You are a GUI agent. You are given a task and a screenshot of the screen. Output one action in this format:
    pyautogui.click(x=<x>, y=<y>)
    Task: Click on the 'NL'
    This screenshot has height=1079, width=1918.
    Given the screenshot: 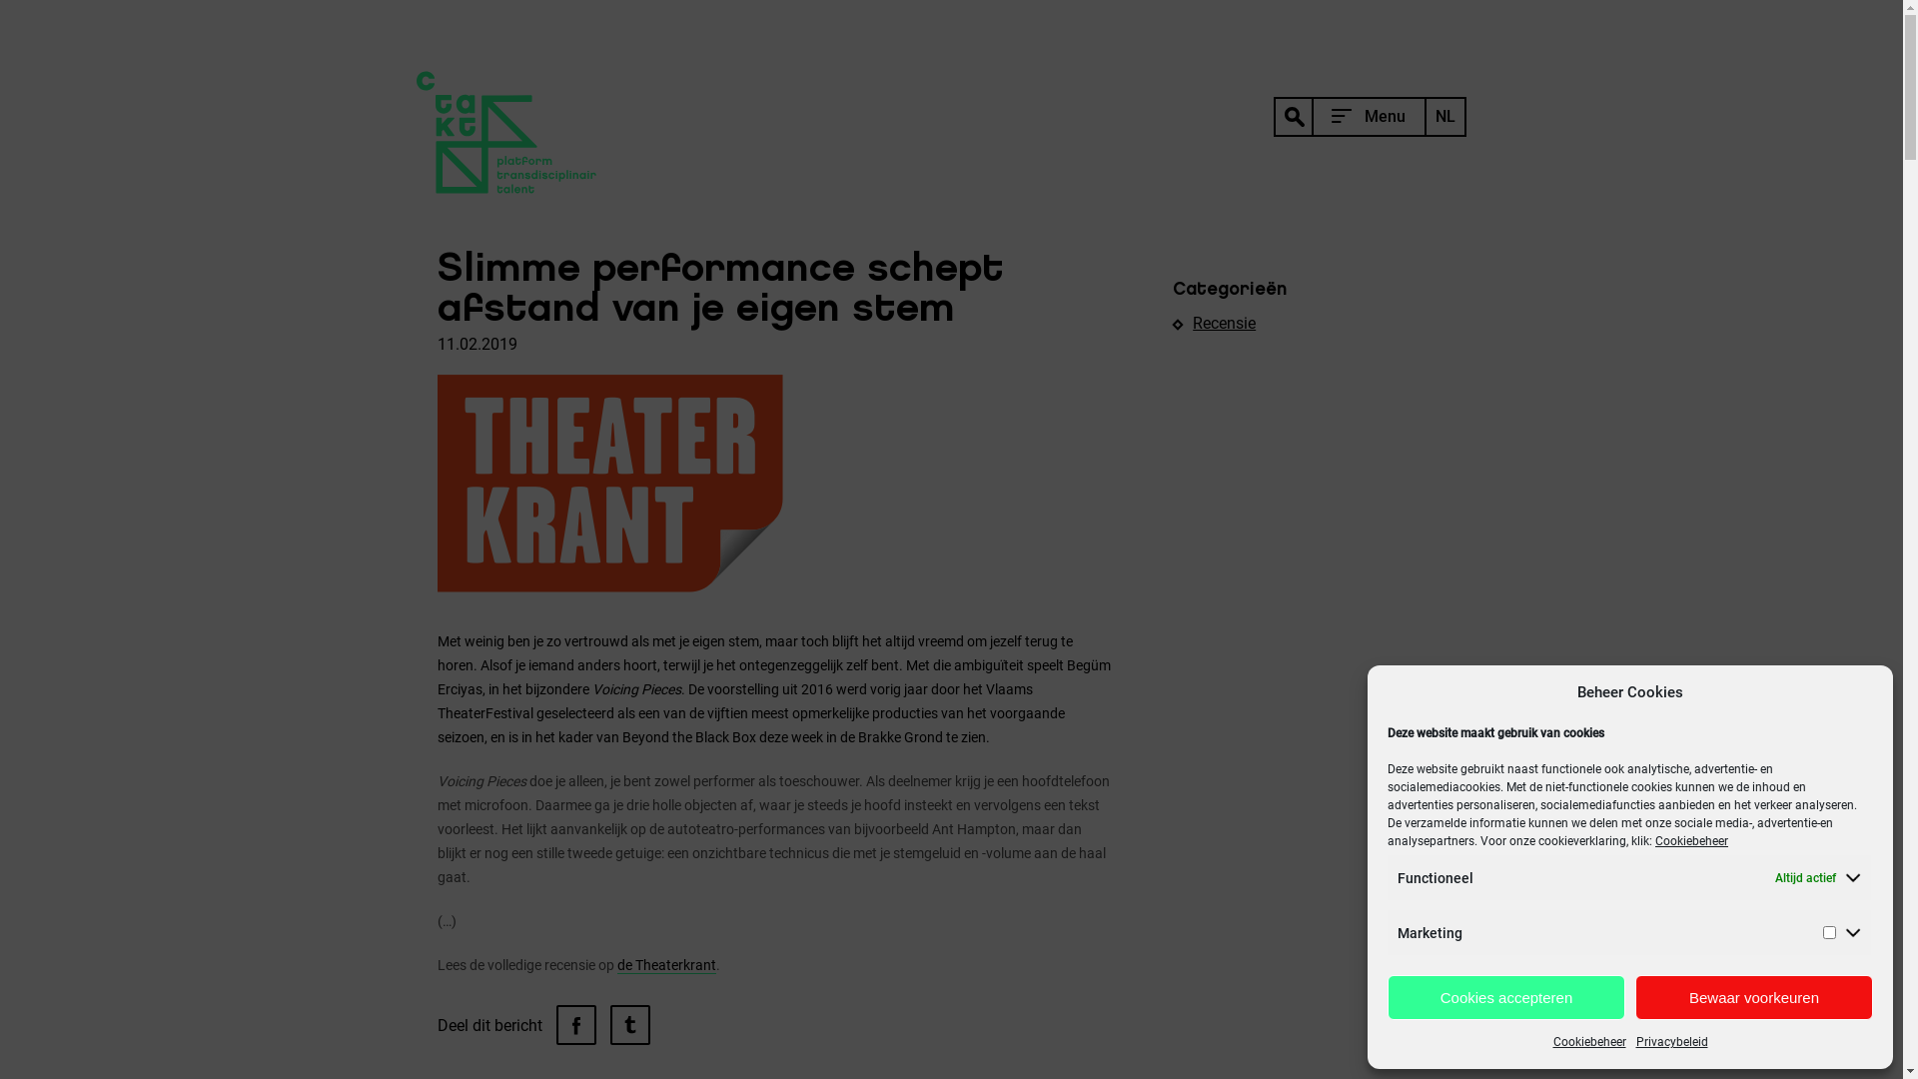 What is the action you would take?
    pyautogui.click(x=1444, y=116)
    